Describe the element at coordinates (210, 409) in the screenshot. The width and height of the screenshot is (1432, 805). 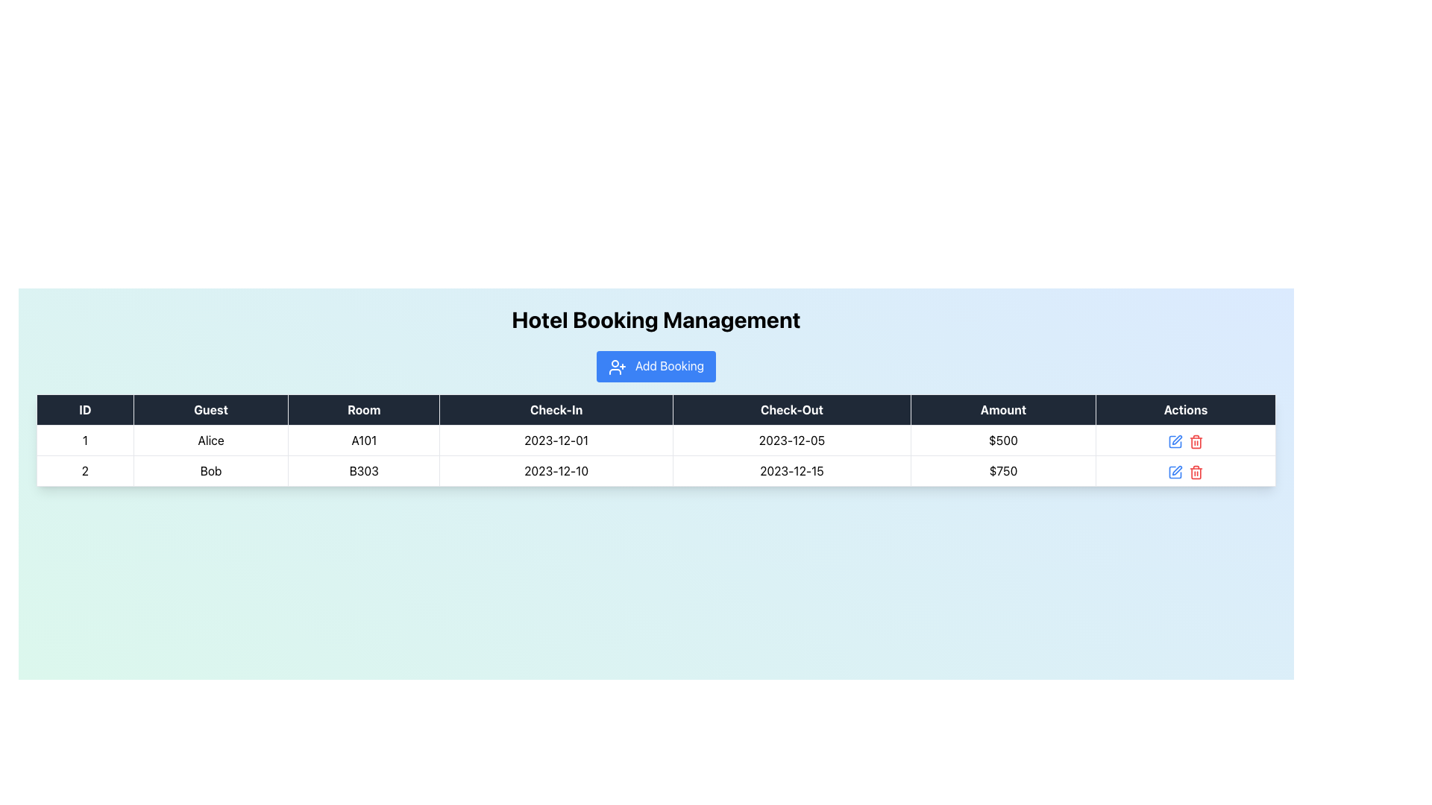
I see `the second table header that categorizes and labels guest-related data, positioned between the 'ID' header and the 'Room' header` at that location.